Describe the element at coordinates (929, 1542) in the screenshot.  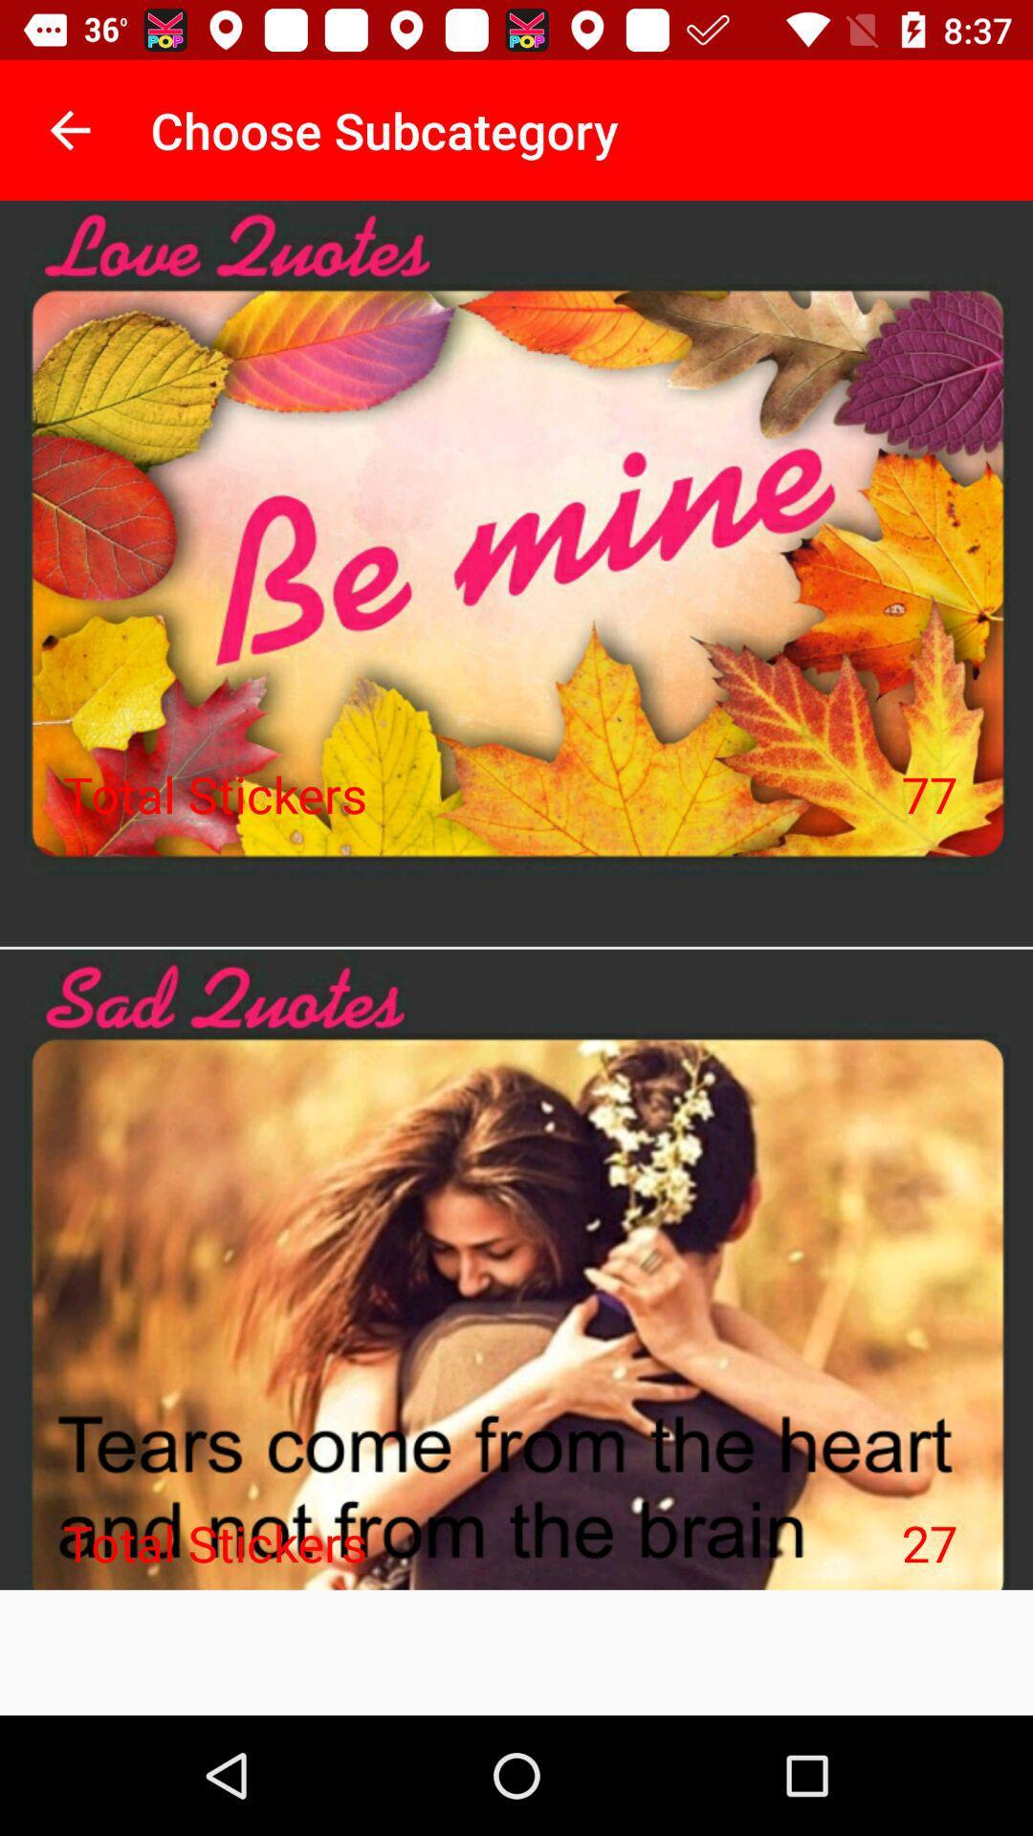
I see `the 27 item` at that location.